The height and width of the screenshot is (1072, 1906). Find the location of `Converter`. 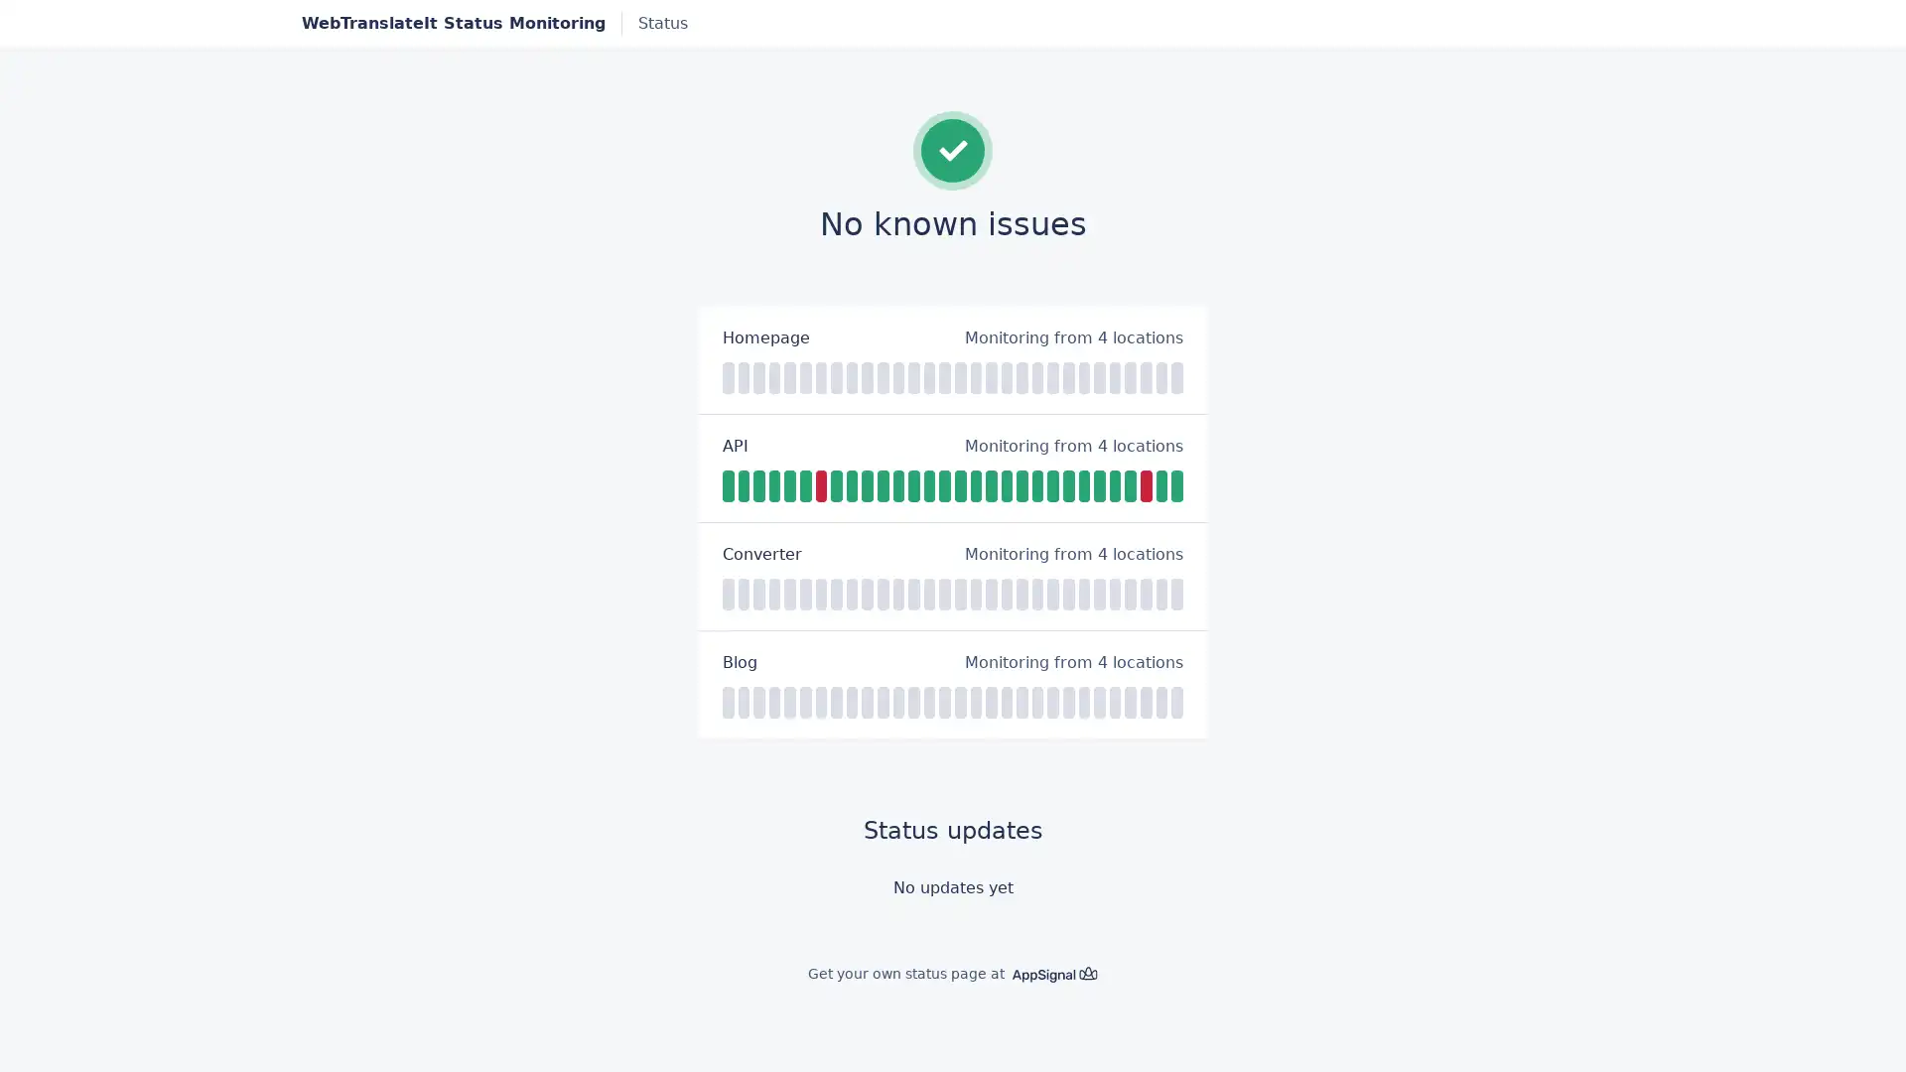

Converter is located at coordinates (761, 554).